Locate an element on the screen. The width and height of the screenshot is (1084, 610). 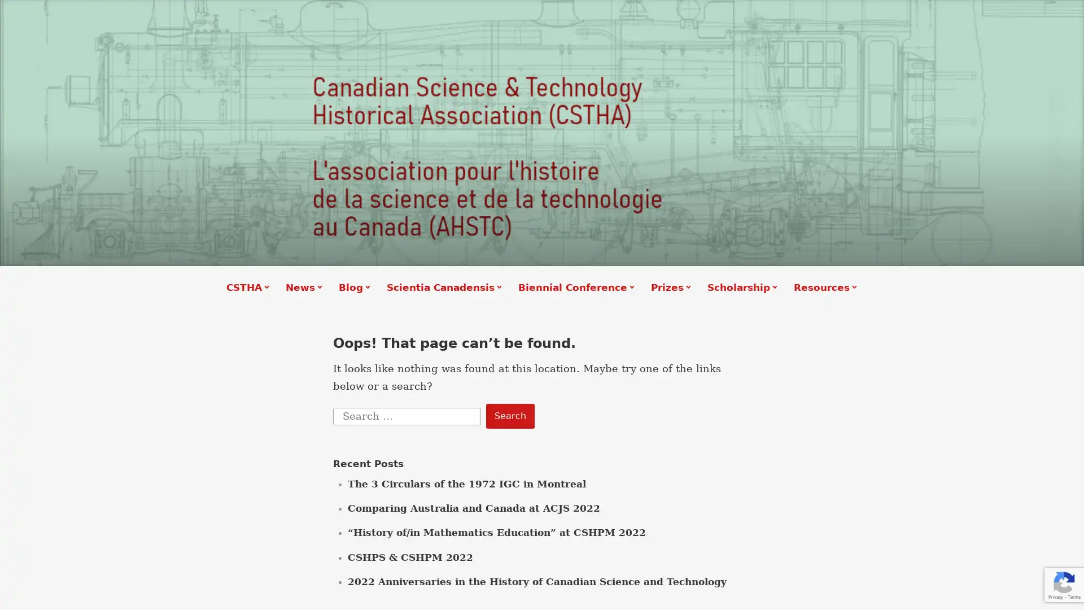
Search is located at coordinates (509, 416).